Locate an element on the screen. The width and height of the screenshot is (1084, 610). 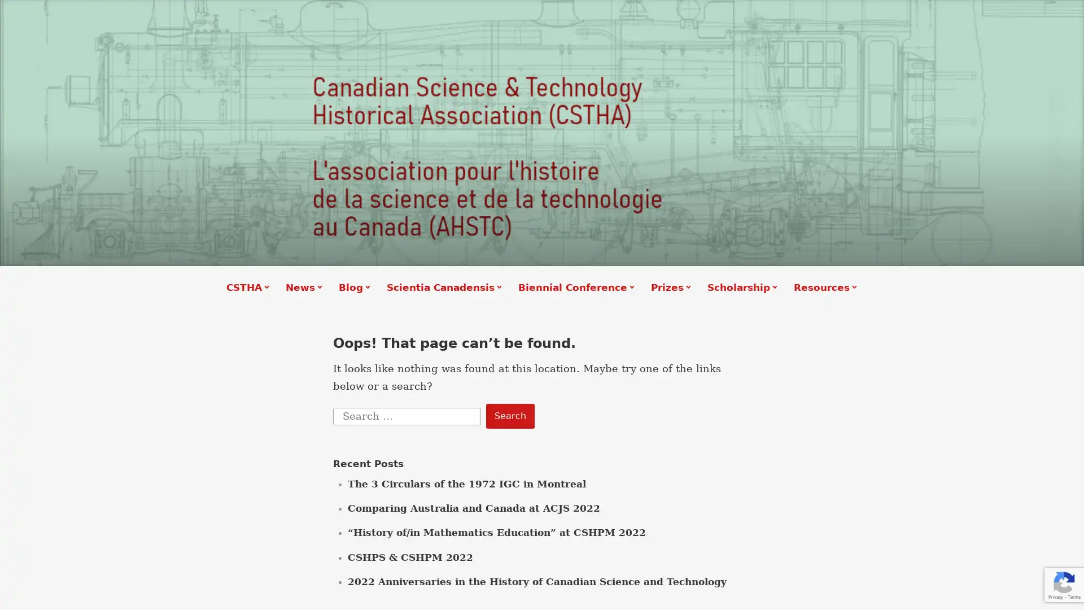
Search is located at coordinates (509, 416).